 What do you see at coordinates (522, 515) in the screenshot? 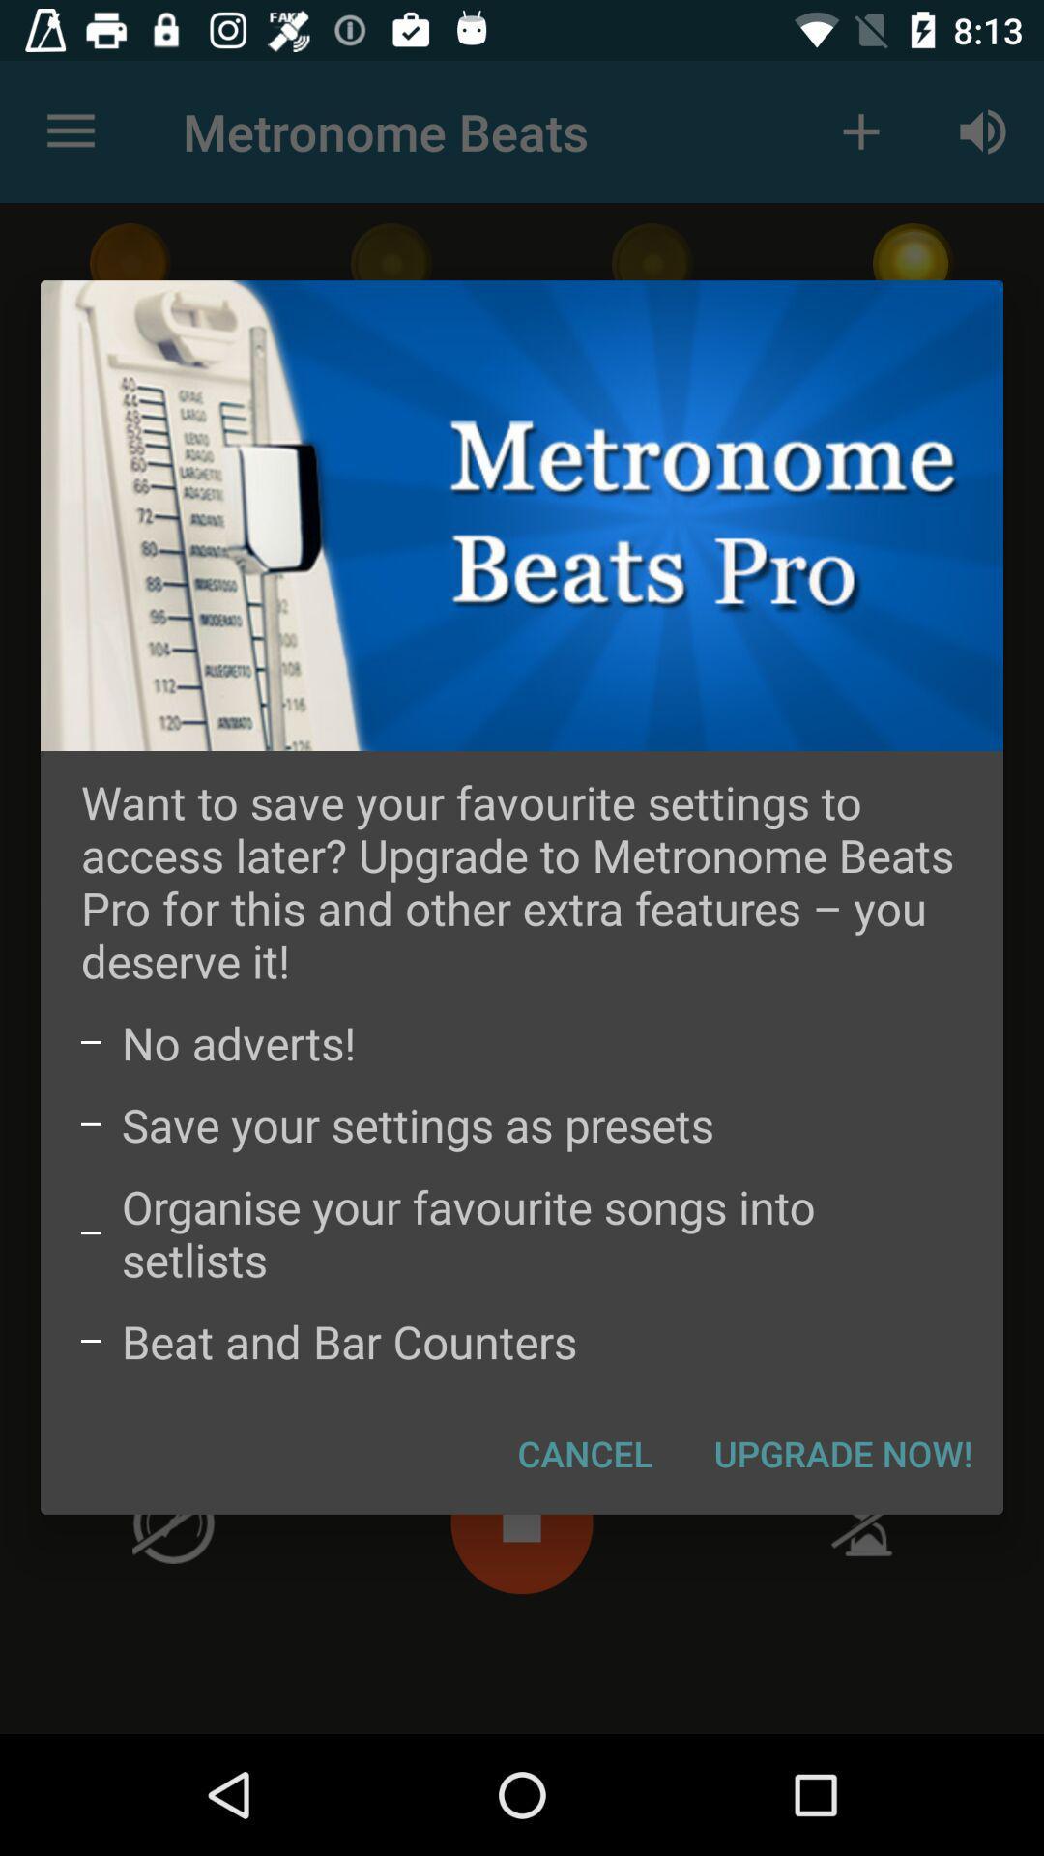
I see `item at the top` at bounding box center [522, 515].